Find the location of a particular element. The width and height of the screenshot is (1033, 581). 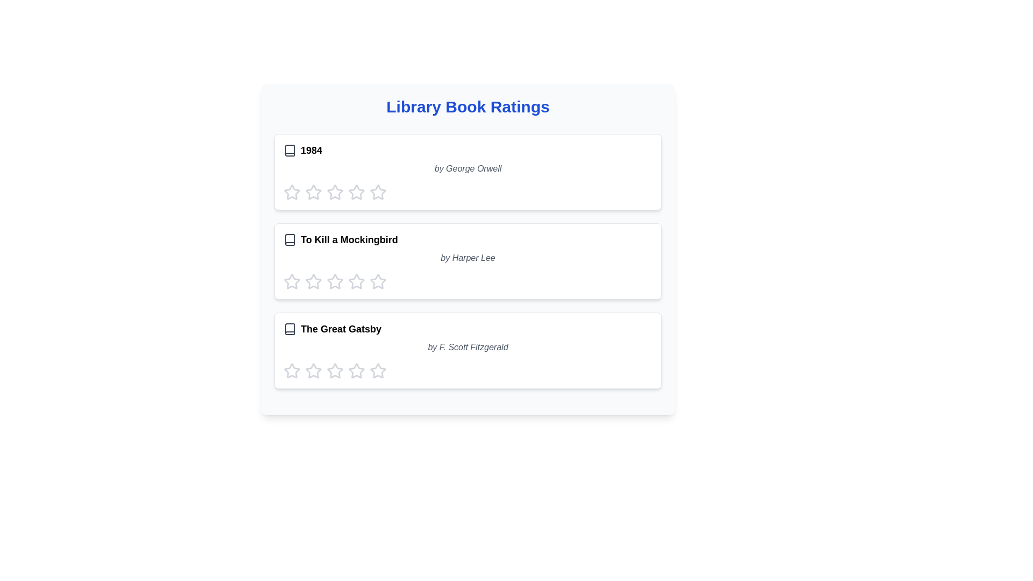

the second gray star icon is located at coordinates (334, 192).